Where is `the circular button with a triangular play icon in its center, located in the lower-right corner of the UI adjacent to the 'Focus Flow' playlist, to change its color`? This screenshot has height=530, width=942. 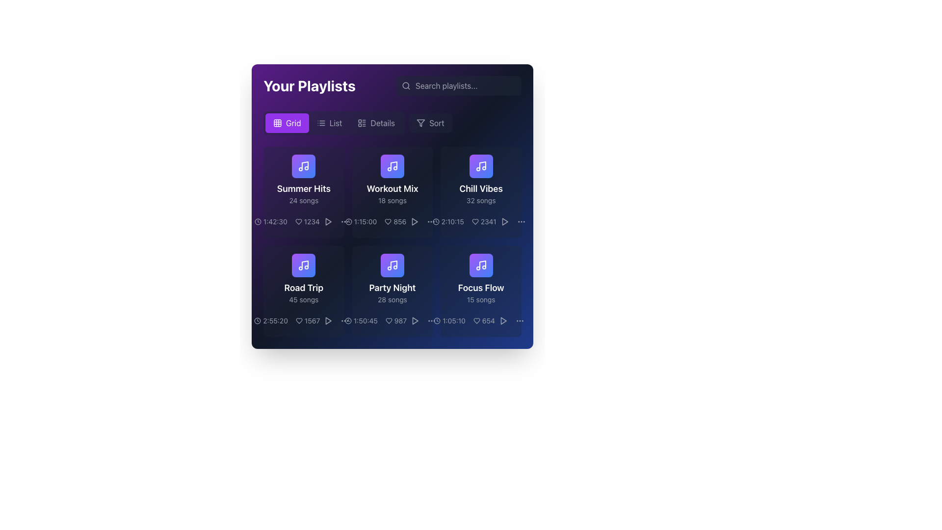
the circular button with a triangular play icon in its center, located in the lower-right corner of the UI adjacent to the 'Focus Flow' playlist, to change its color is located at coordinates (503, 321).